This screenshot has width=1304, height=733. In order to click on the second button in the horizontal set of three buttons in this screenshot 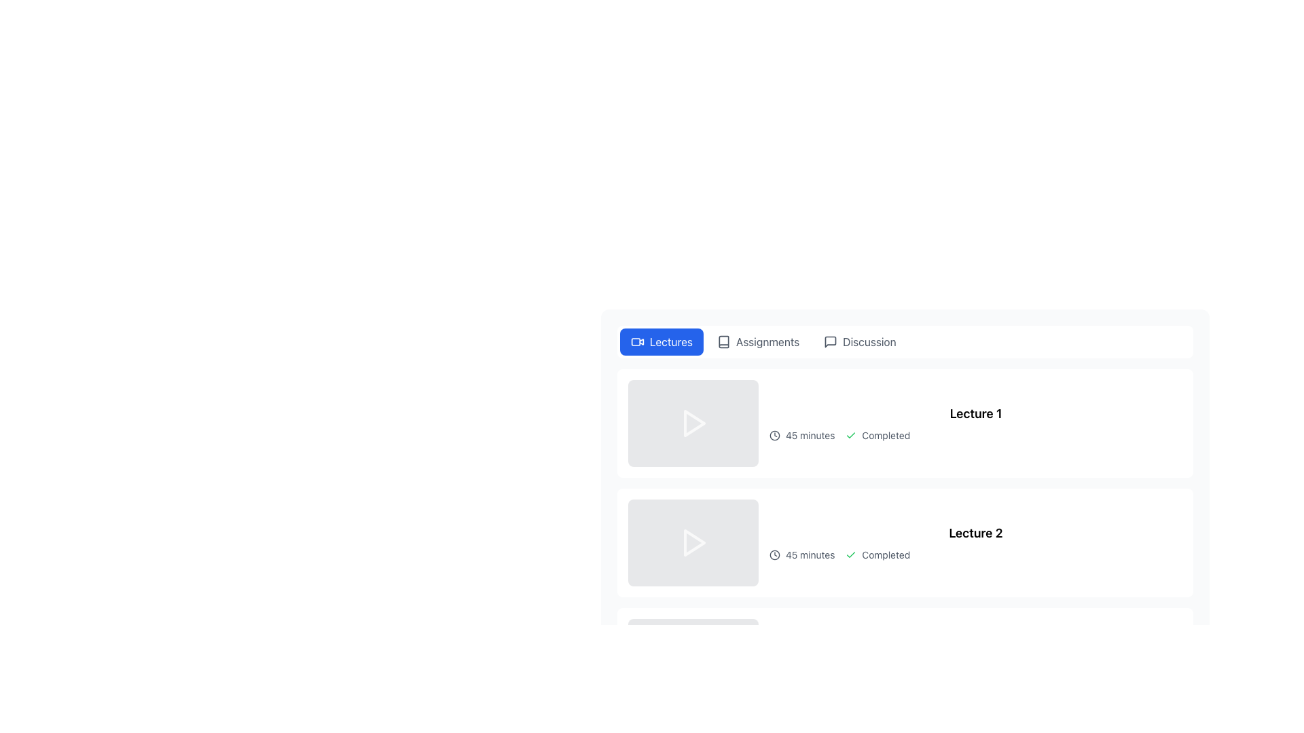, I will do `click(757, 341)`.